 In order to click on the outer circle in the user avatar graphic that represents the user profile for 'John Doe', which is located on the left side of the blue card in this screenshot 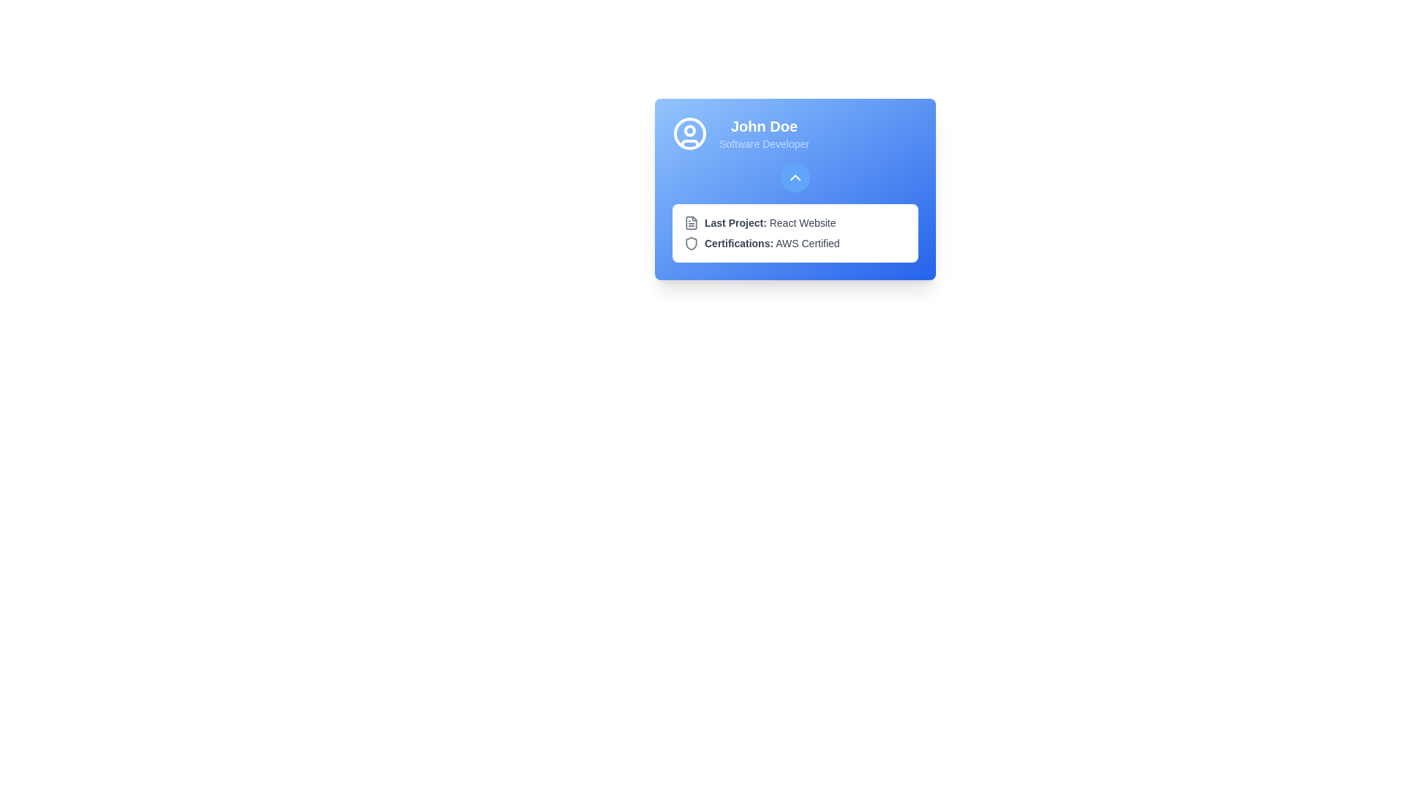, I will do `click(689, 133)`.